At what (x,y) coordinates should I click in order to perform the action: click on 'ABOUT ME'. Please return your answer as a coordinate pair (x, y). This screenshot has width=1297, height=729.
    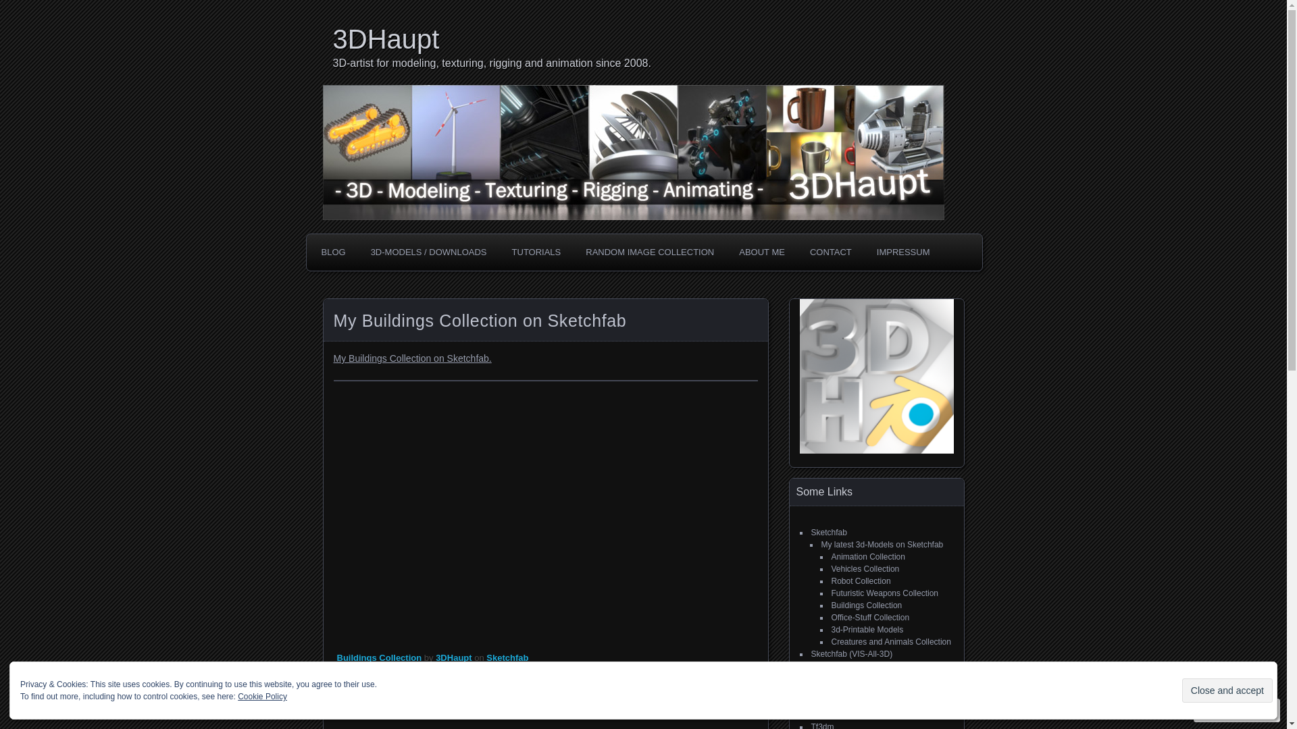
    Looking at the image, I should click on (762, 252).